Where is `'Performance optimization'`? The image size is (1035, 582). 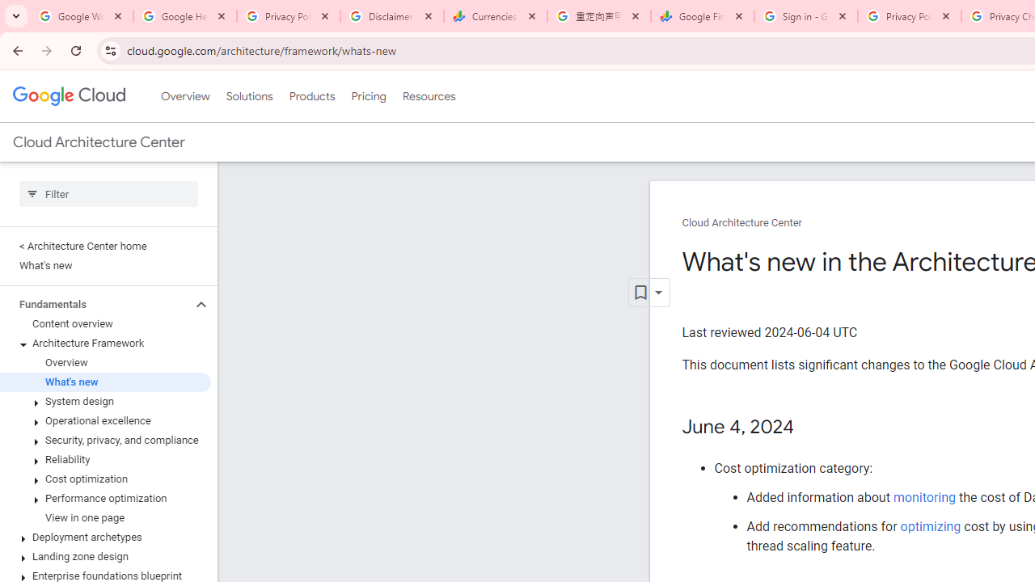
'Performance optimization' is located at coordinates (104, 498).